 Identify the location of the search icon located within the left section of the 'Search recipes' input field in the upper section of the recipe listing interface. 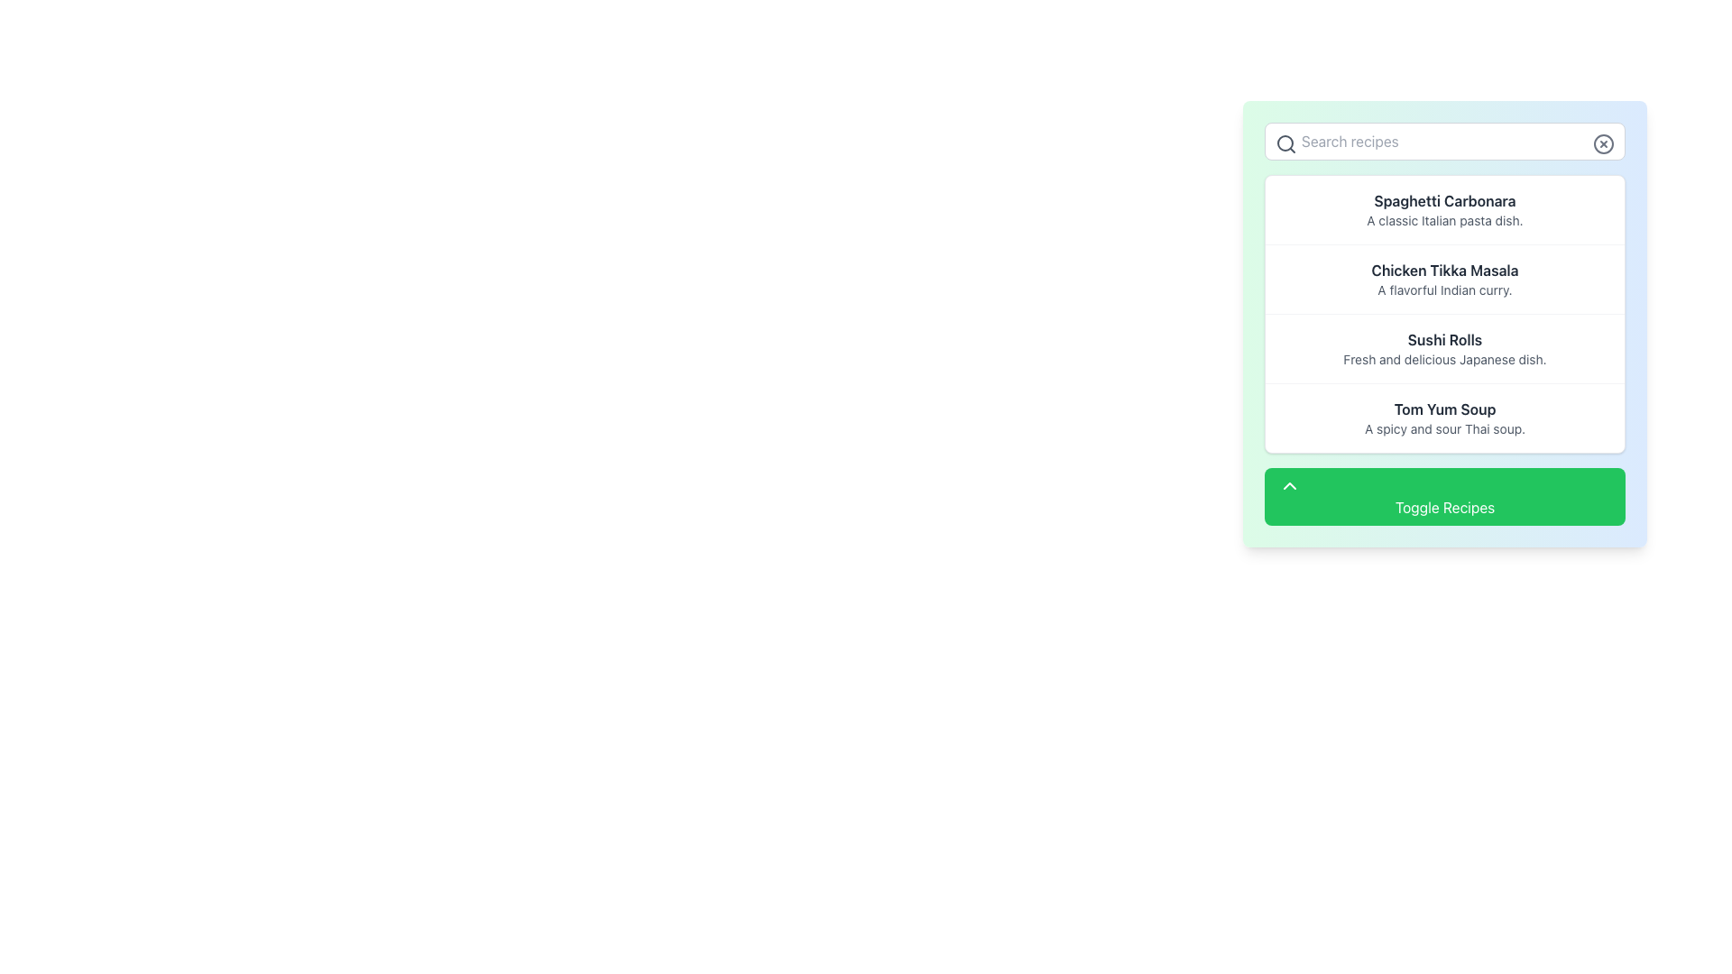
(1285, 142).